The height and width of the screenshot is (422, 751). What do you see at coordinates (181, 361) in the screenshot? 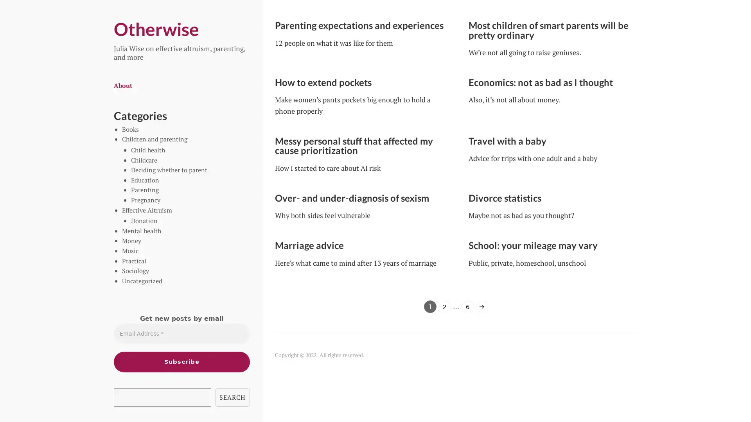
I see `Subscribe` at bounding box center [181, 361].